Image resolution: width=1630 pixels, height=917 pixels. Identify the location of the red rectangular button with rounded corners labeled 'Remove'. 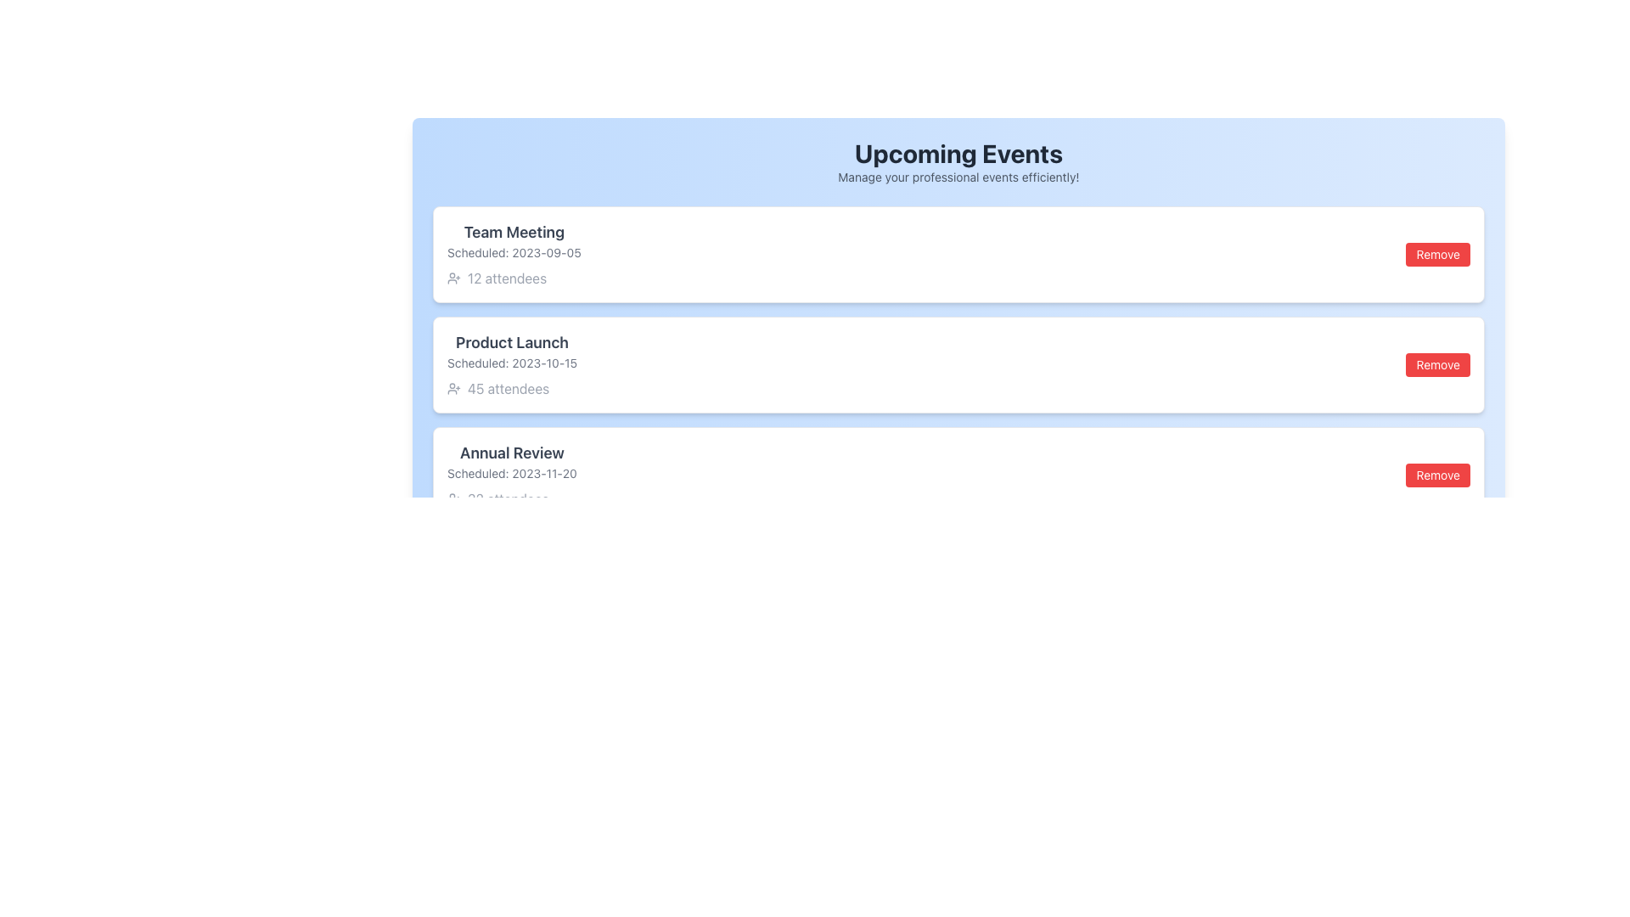
(1437, 475).